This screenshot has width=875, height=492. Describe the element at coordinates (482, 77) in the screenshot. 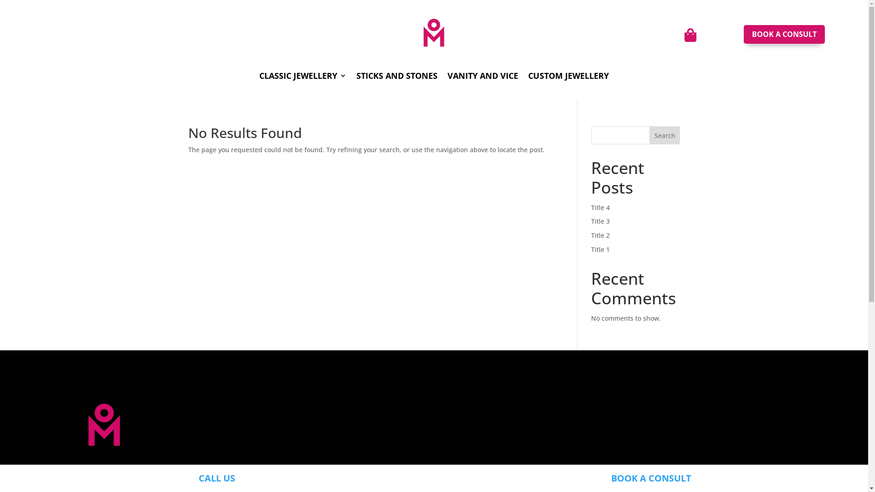

I see `'VANITY AND VICE'` at that location.